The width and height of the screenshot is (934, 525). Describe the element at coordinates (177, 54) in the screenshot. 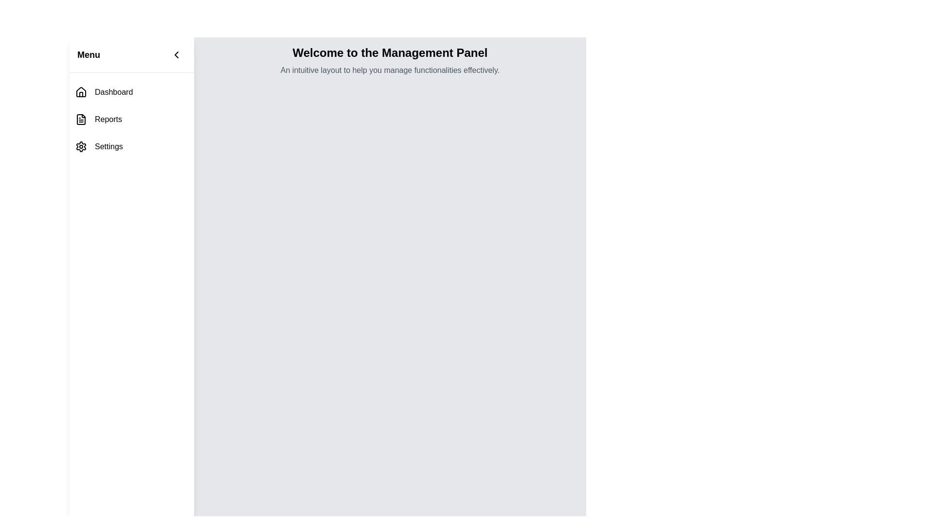

I see `the Icon button (left arrow) located in the top left sidebar, which is used for navigation to collapse or close the sidebar` at that location.